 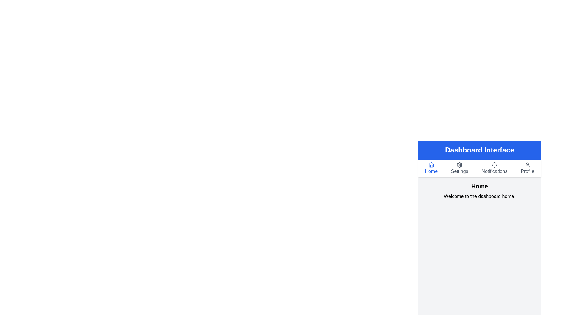 What do you see at coordinates (494, 165) in the screenshot?
I see `the gray bell-shaped icon` at bounding box center [494, 165].